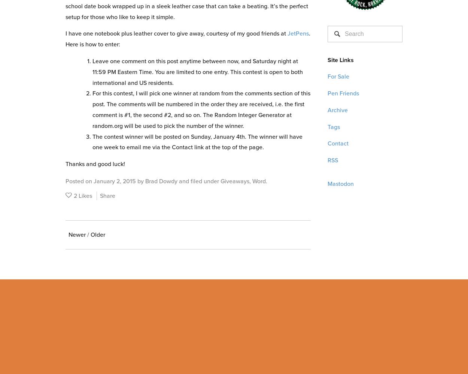 The width and height of the screenshot is (468, 374). Describe the element at coordinates (298, 33) in the screenshot. I see `'JetPens'` at that location.